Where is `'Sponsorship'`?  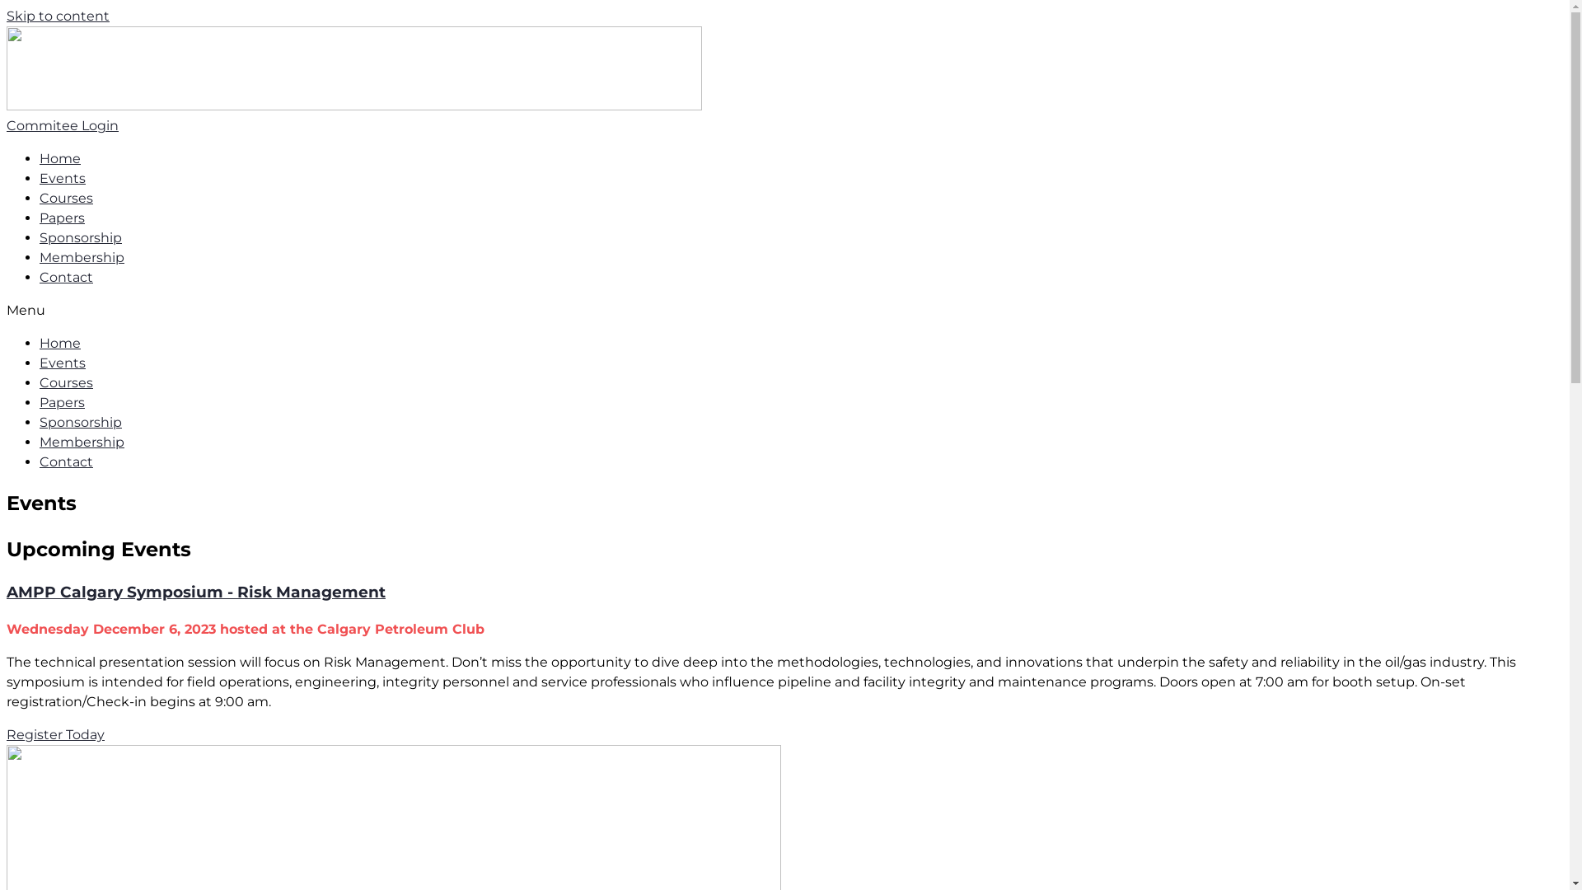
'Sponsorship' is located at coordinates (79, 421).